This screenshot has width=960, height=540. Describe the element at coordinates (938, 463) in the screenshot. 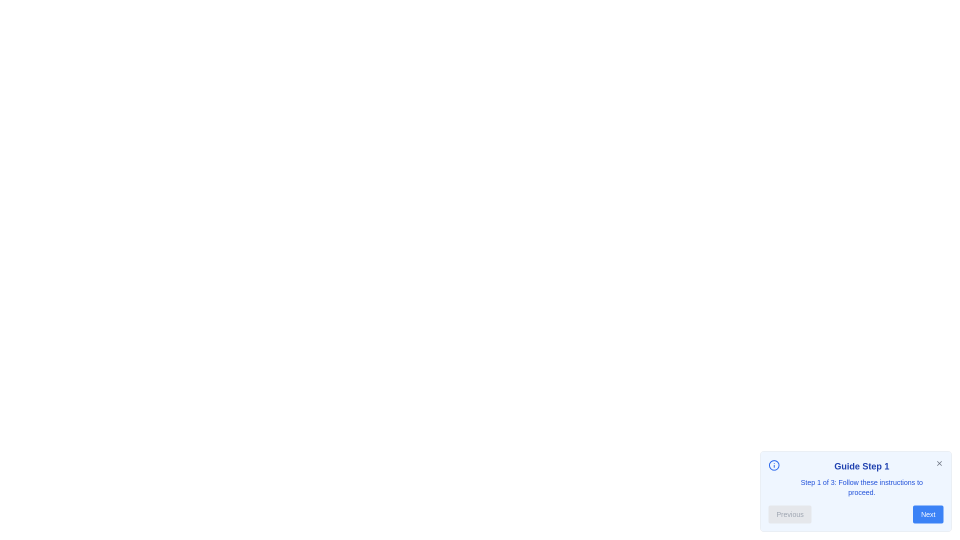

I see `the close button of the alert` at that location.